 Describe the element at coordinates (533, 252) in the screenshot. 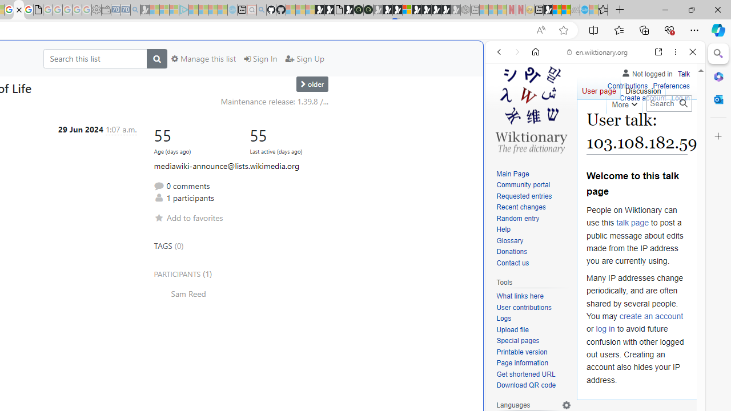

I see `'Donations'` at that location.